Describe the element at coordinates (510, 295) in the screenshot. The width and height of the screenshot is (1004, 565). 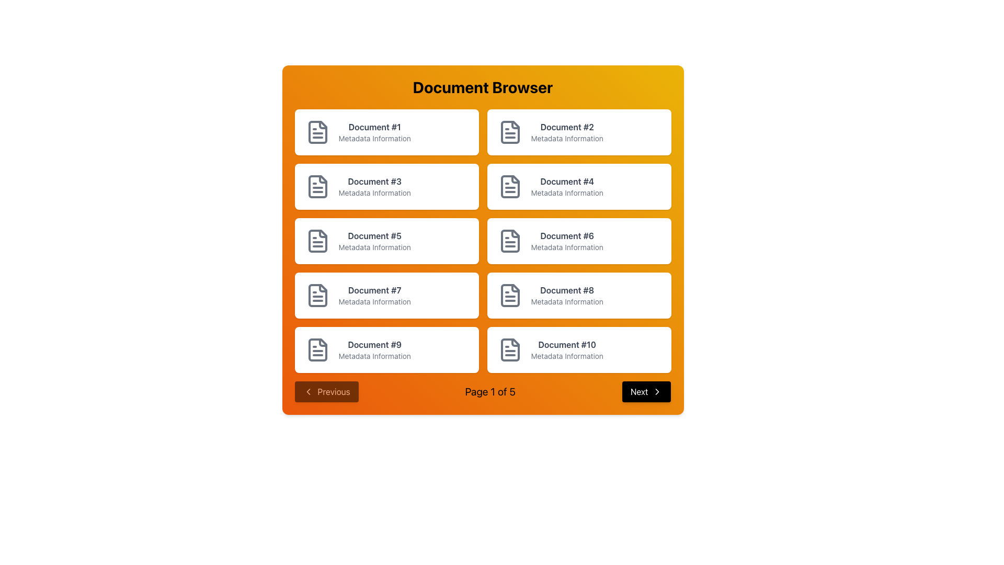
I see `the document icon representing 'Document #8'` at that location.